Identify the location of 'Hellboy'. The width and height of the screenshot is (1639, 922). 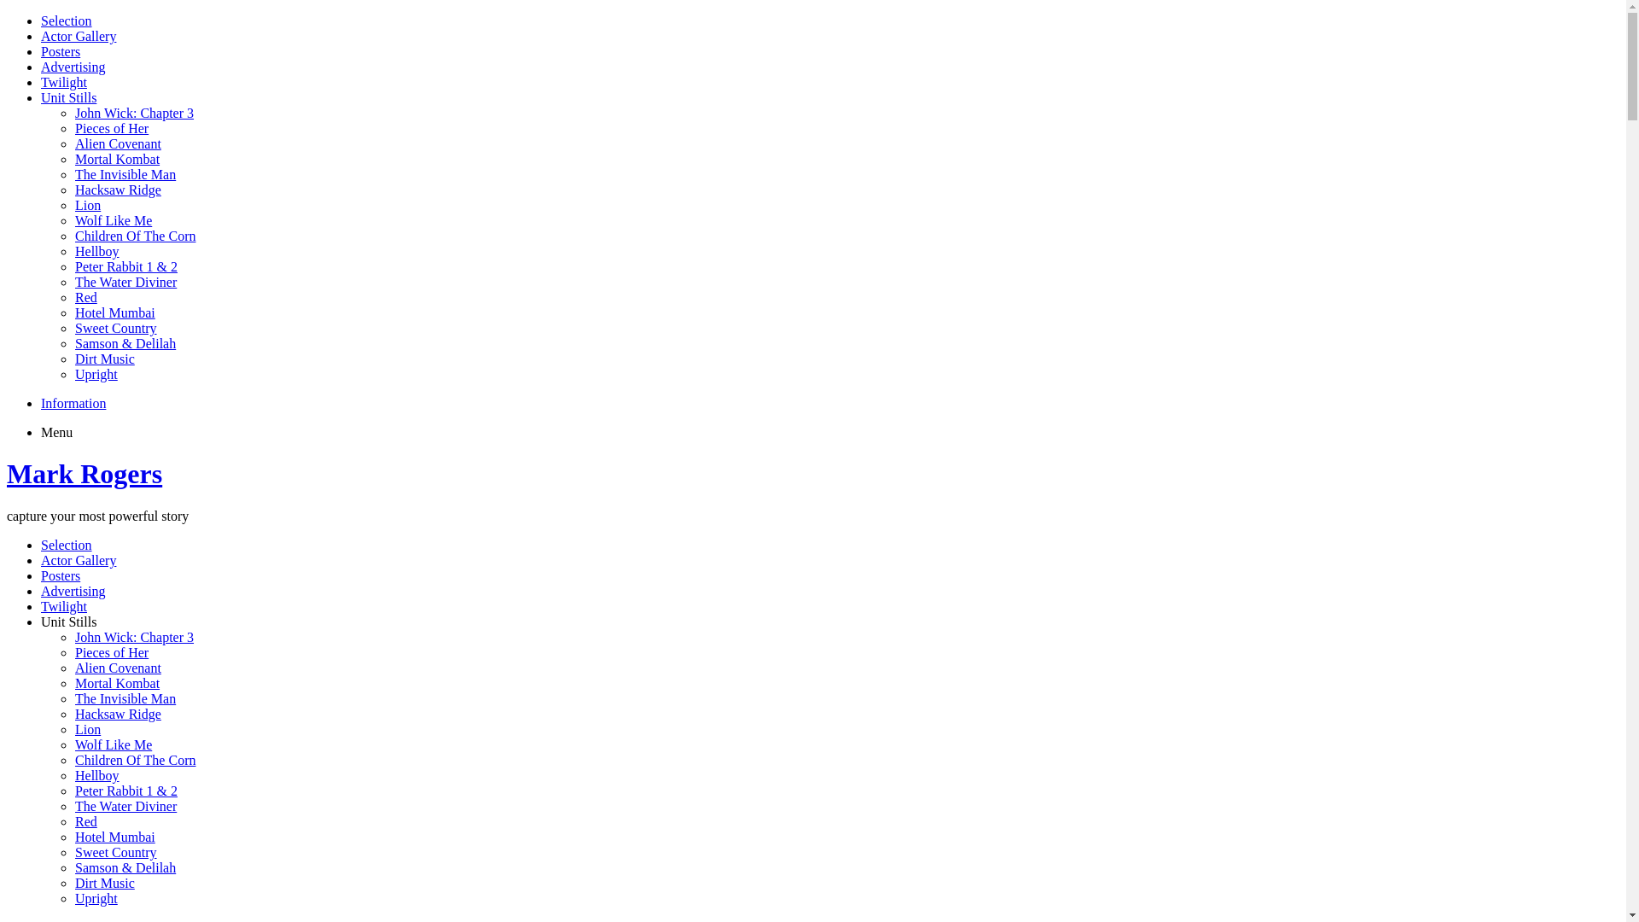
(96, 775).